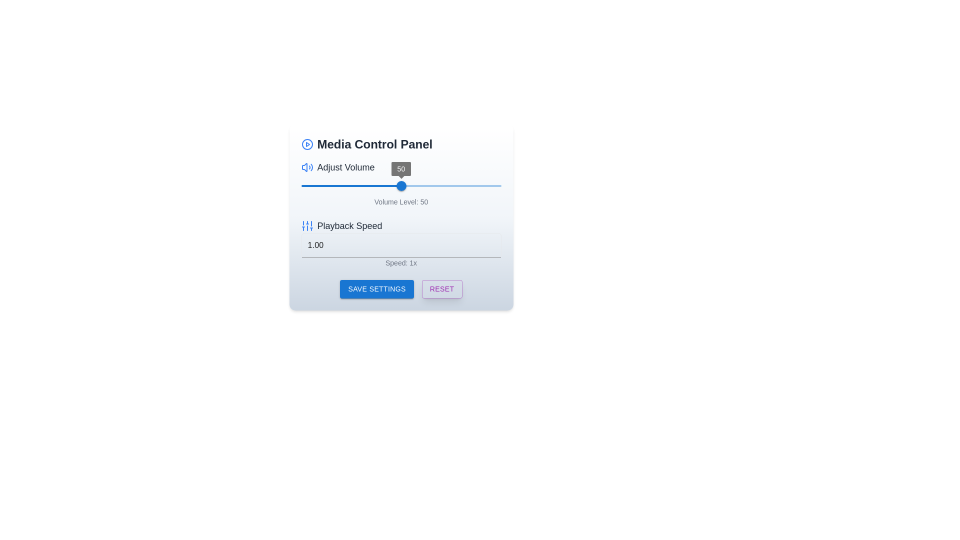  Describe the element at coordinates (401, 245) in the screenshot. I see `the numeric input field displaying '1.00' in the 'Playback Speed' section` at that location.